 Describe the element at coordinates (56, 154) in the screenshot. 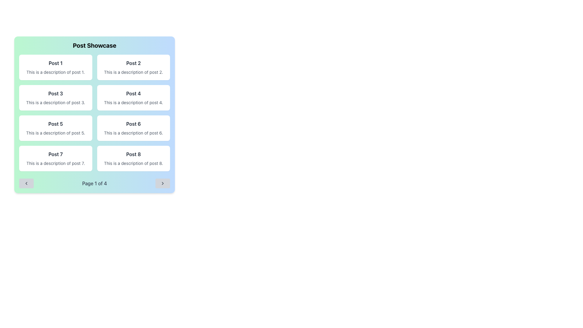

I see `the Text Label that serves as the title of the card representing an item in a collection of posts, located in the second row and first column of a 3x3 grid layout` at that location.